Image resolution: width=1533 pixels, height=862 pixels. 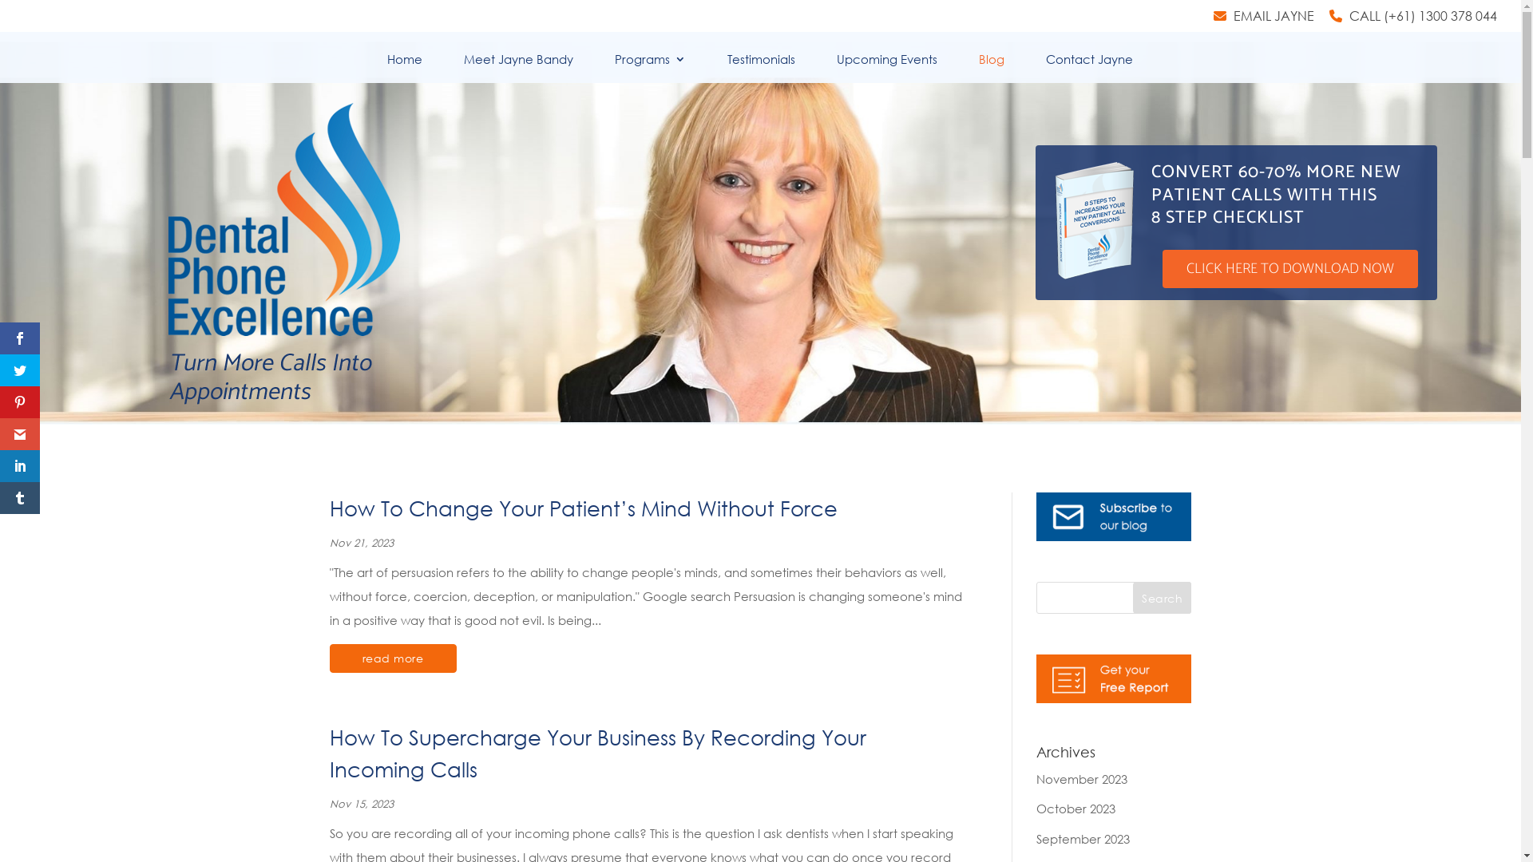 What do you see at coordinates (1162, 597) in the screenshot?
I see `'Search'` at bounding box center [1162, 597].